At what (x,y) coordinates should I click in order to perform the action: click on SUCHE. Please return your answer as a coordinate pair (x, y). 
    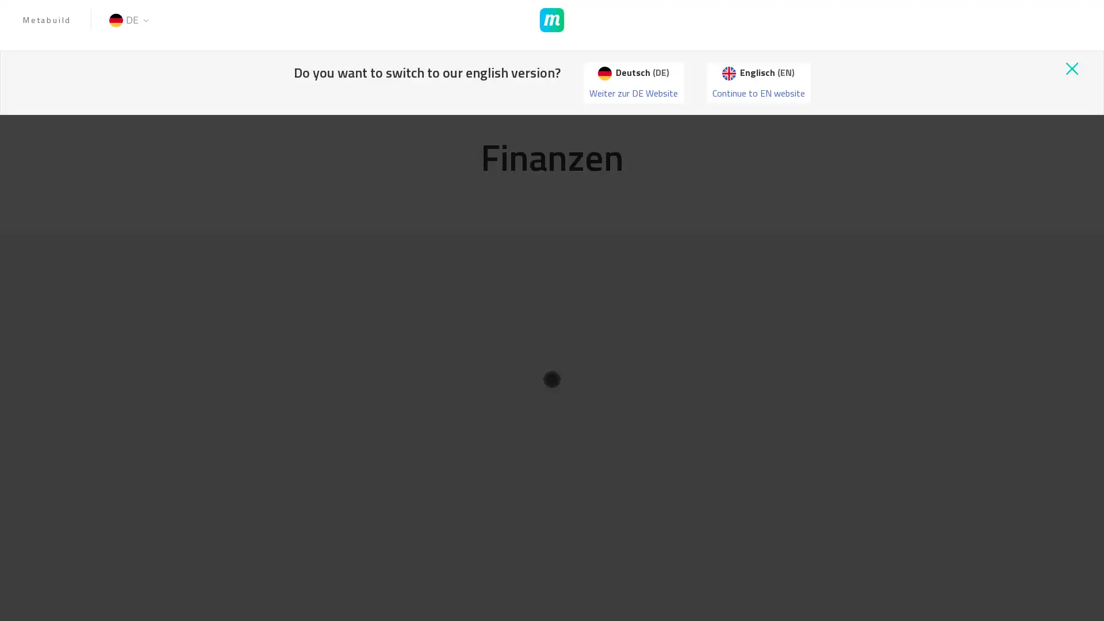
    Looking at the image, I should click on (739, 64).